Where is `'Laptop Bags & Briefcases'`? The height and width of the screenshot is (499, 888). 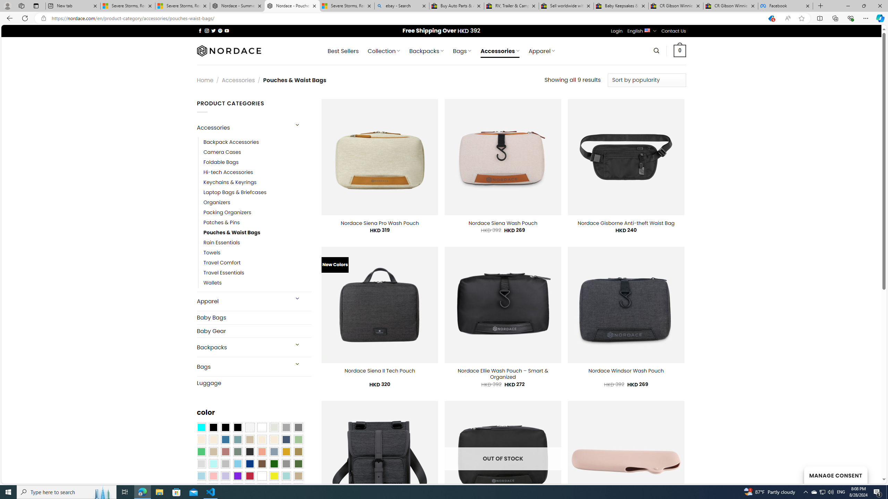 'Laptop Bags & Briefcases' is located at coordinates (234, 192).